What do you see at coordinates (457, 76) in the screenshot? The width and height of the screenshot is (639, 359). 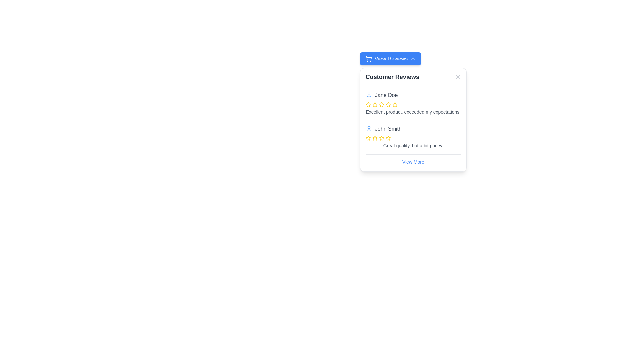 I see `the Close button (SVG graphic) located at the top-right corner of the 'Customer Reviews' card` at bounding box center [457, 76].